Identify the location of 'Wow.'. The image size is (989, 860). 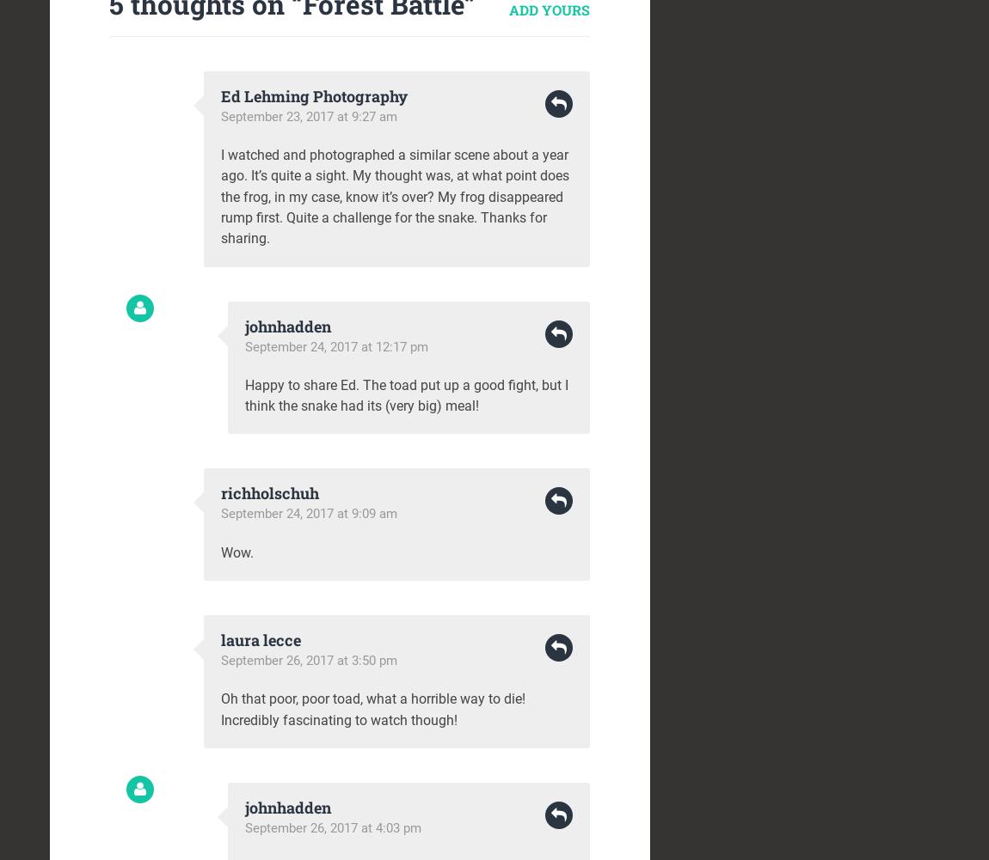
(236, 552).